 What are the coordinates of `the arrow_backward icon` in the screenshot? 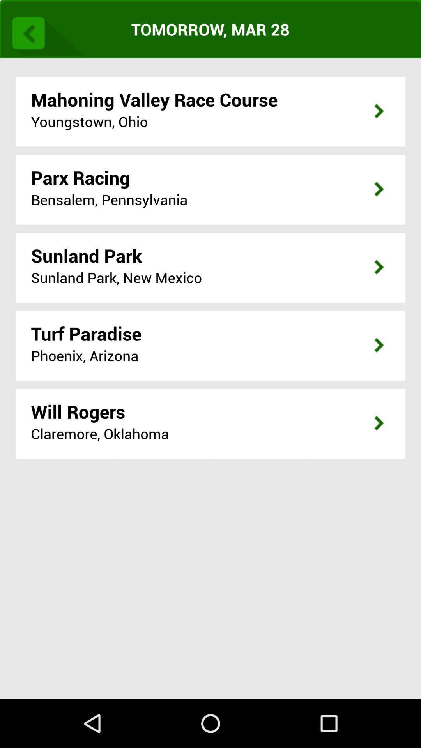 It's located at (46, 33).